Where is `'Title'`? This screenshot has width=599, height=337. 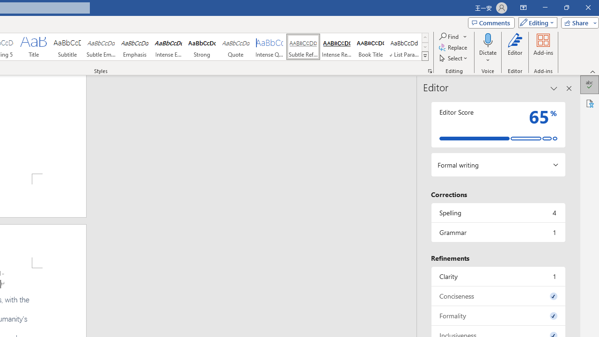
'Title' is located at coordinates (33, 47).